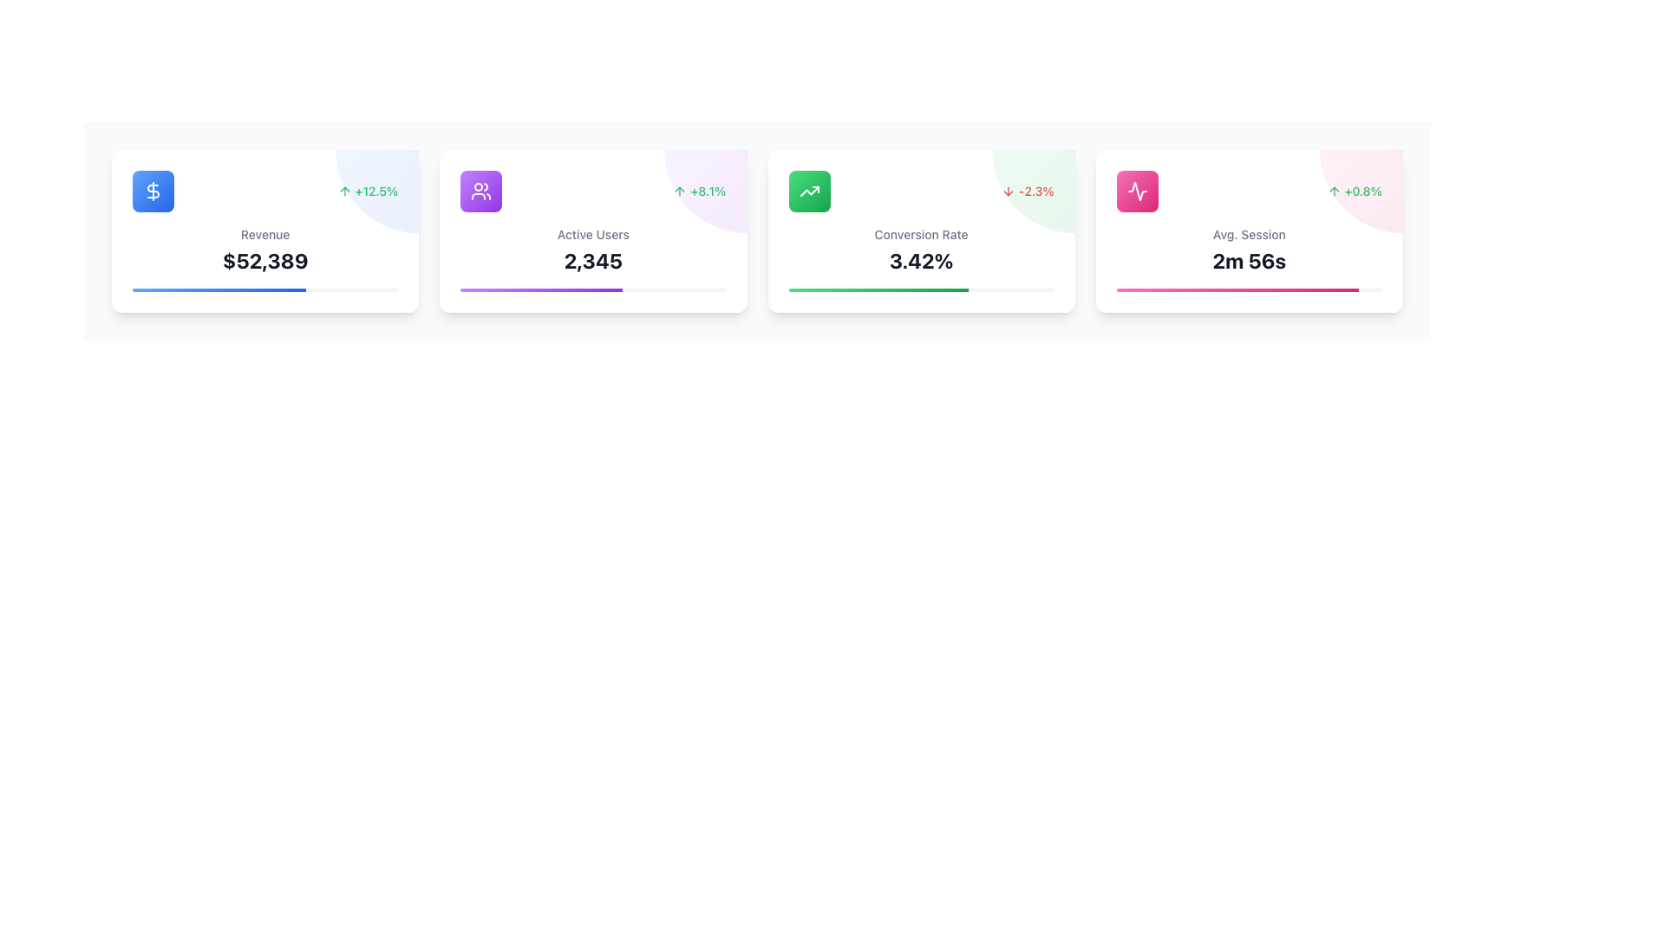 Image resolution: width=1665 pixels, height=936 pixels. Describe the element at coordinates (593, 260) in the screenshot. I see `the static numerical text display indicating 'Active Users', which is located in the second card from the left, below the text 'Active Users' and above a purple gradient progress bar` at that location.